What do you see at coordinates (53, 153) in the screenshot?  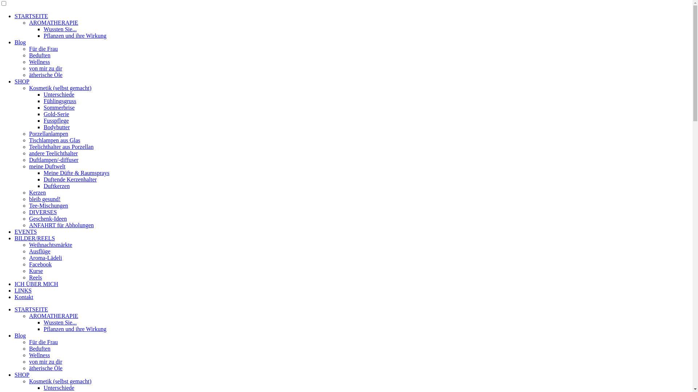 I see `'andere Teelichthalter'` at bounding box center [53, 153].